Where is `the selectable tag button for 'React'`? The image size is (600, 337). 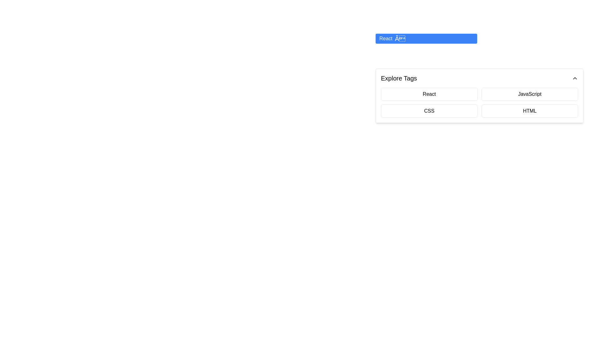
the selectable tag button for 'React' is located at coordinates (426, 38).